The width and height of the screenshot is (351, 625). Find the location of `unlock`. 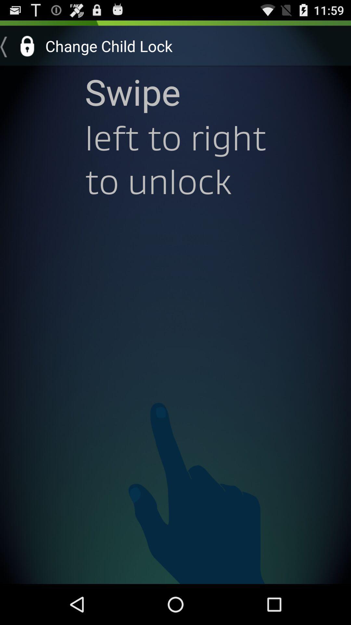

unlock is located at coordinates (20, 46).